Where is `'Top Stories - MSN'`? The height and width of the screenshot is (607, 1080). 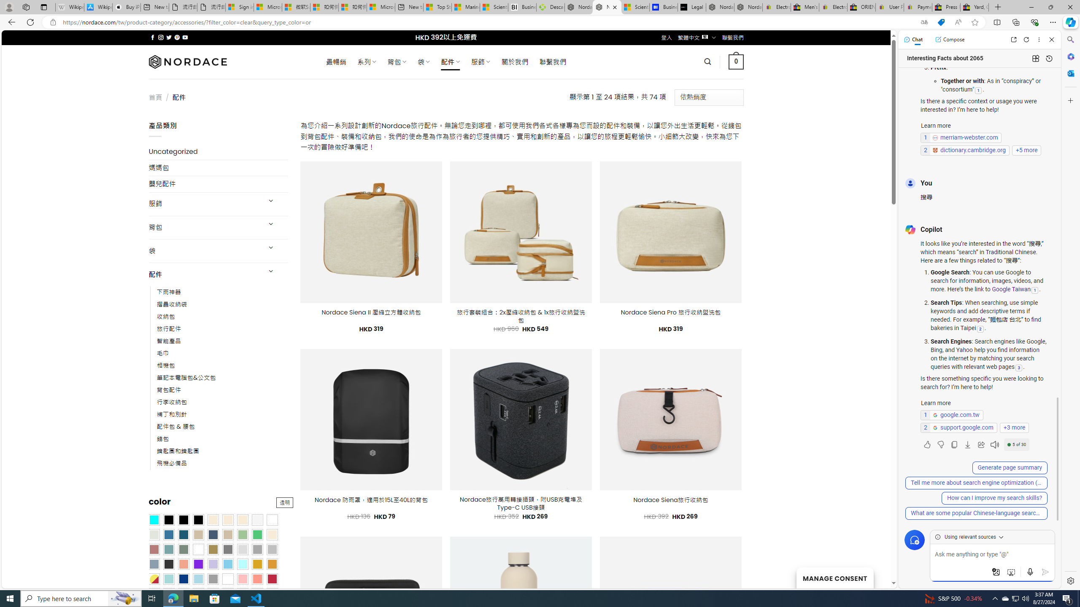 'Top Stories - MSN' is located at coordinates (437, 7).